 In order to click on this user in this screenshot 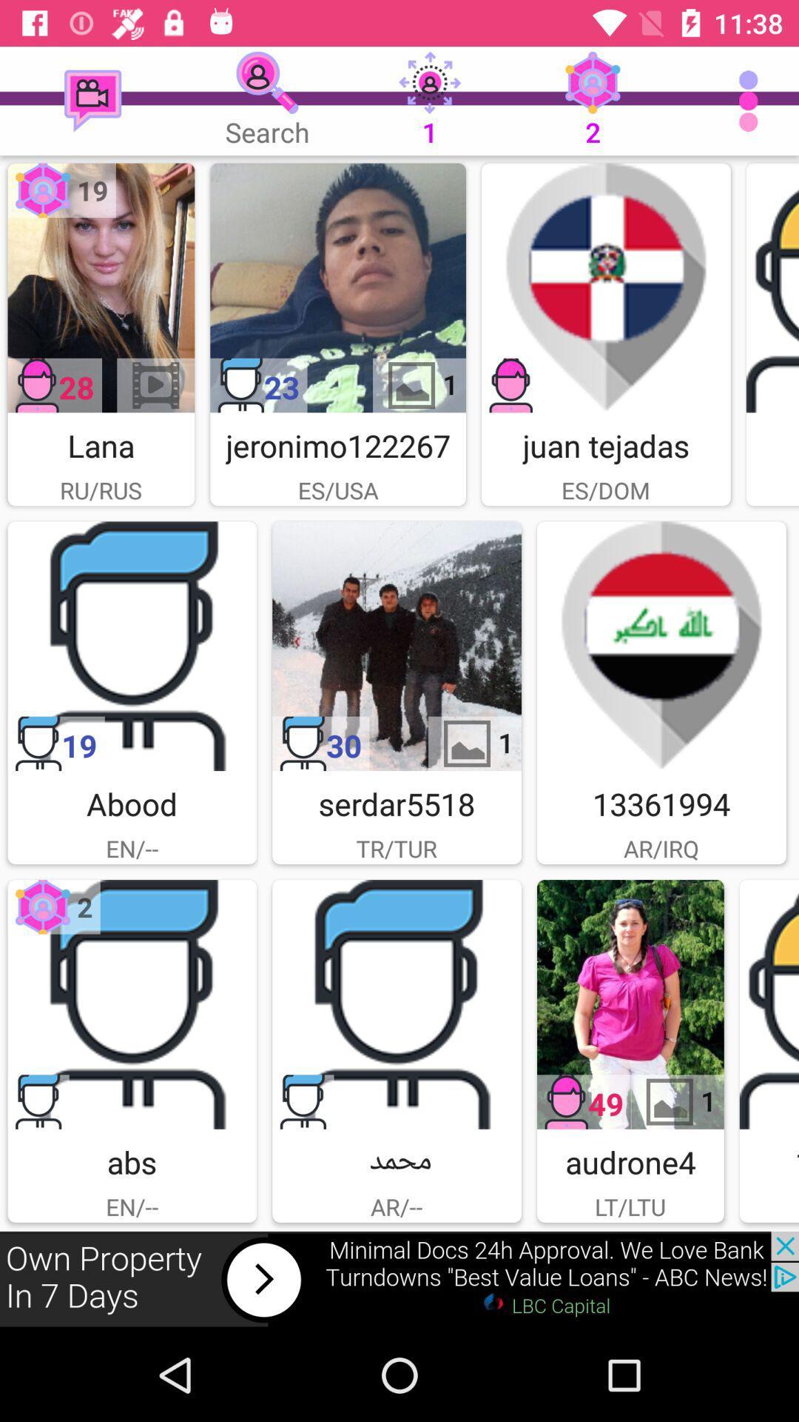, I will do `click(131, 646)`.